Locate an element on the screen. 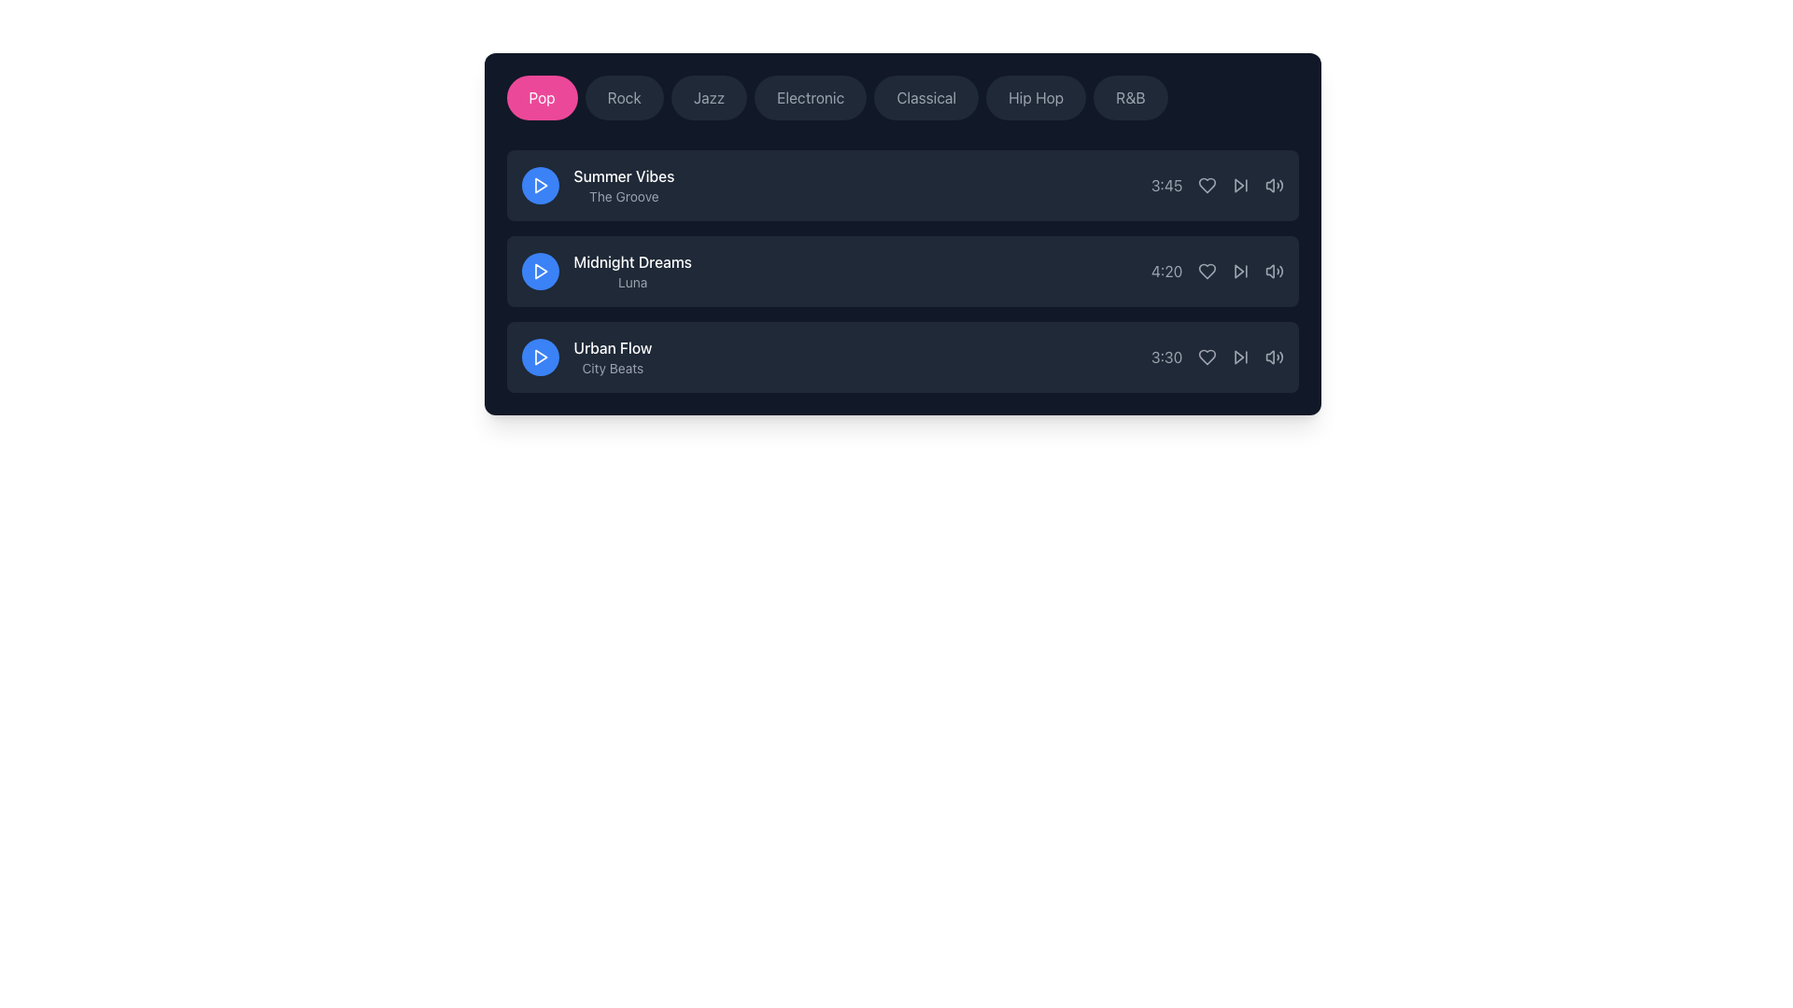 This screenshot has width=1793, height=1008. the triangular play icon within the blue circular button adjacent is located at coordinates (540, 186).